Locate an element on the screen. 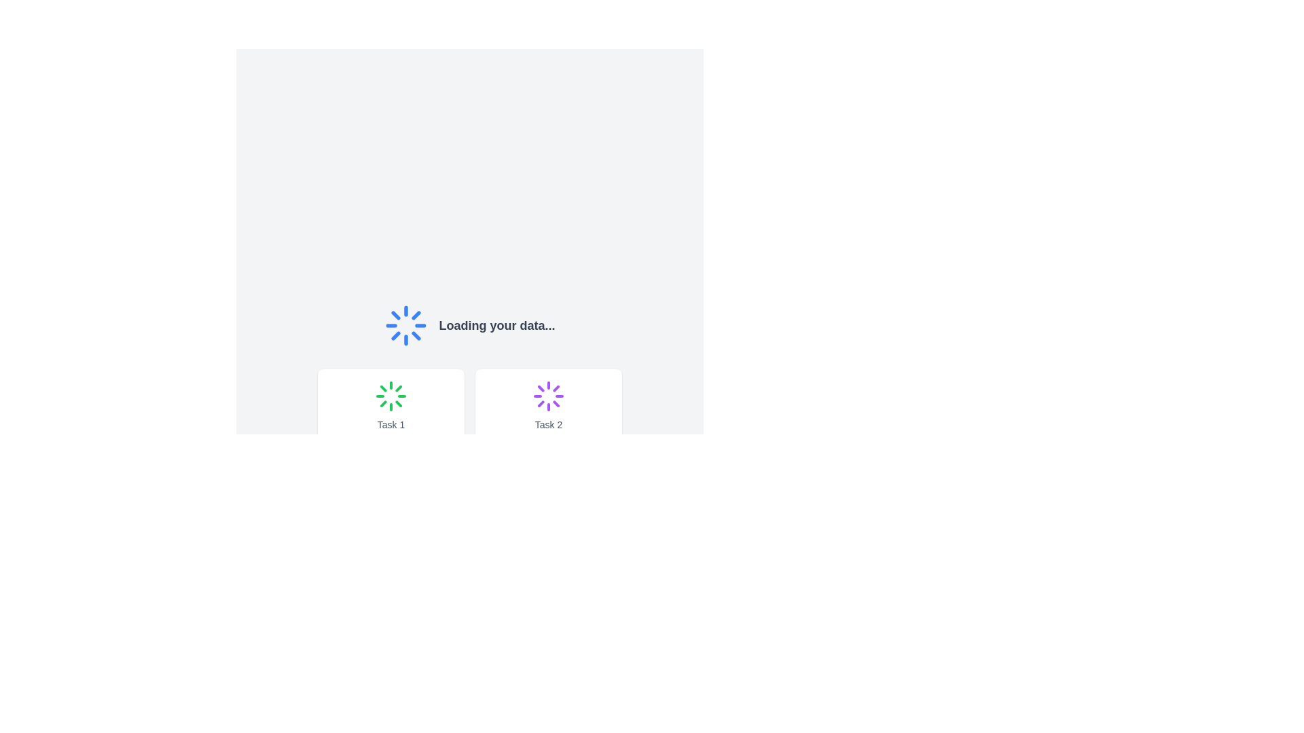 The height and width of the screenshot is (733, 1304). task label 'Task 1' from the visual status card located in the top-left corner of the grid layout is located at coordinates (391, 405).